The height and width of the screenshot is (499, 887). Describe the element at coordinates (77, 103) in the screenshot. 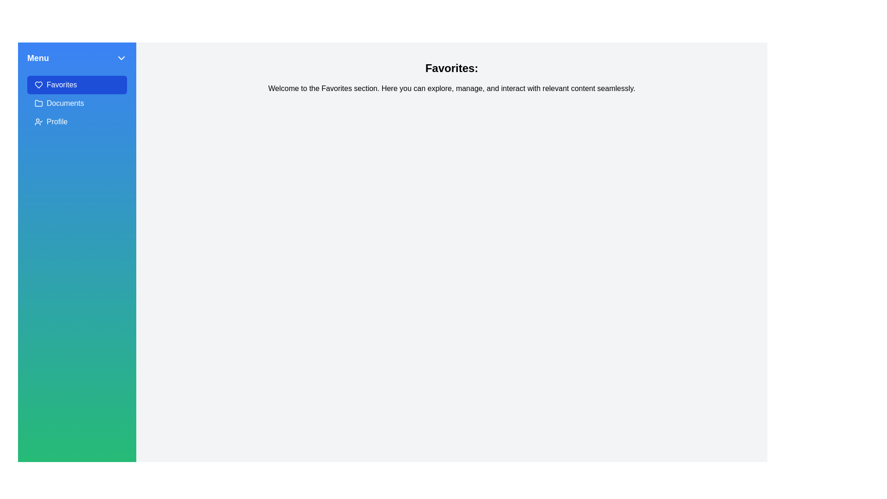

I see `the Documents tab in the drawer` at that location.